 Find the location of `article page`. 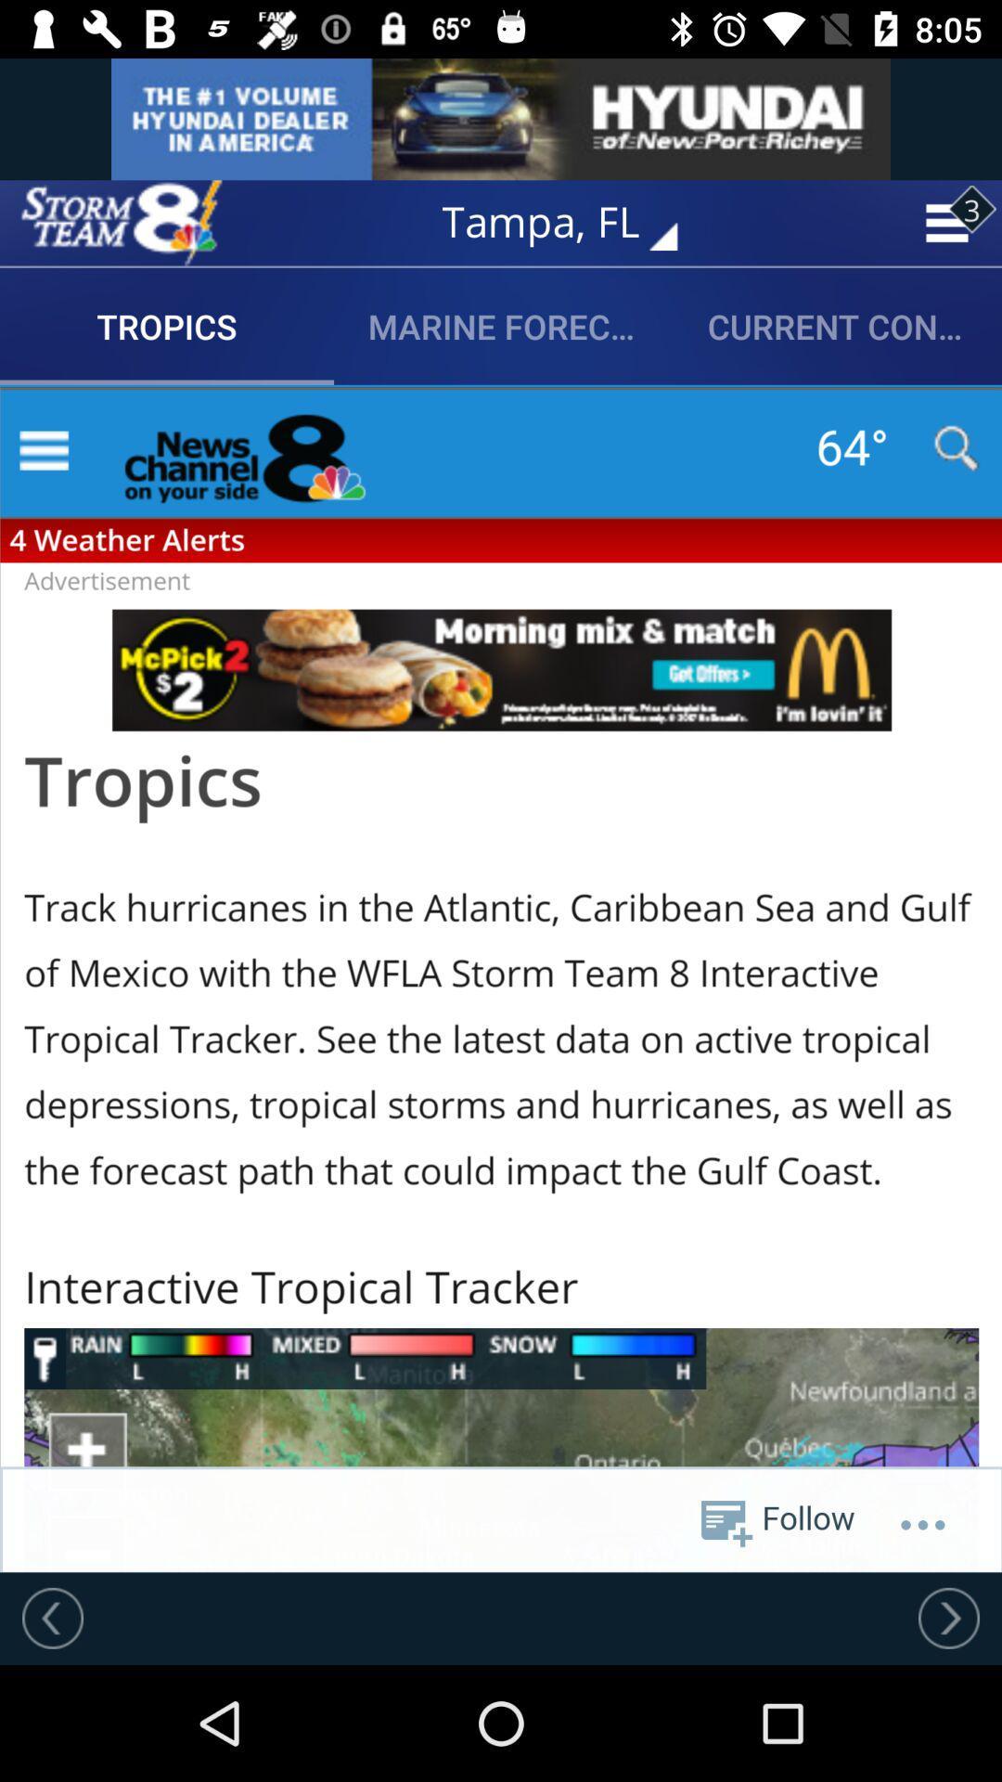

article page is located at coordinates (501, 977).